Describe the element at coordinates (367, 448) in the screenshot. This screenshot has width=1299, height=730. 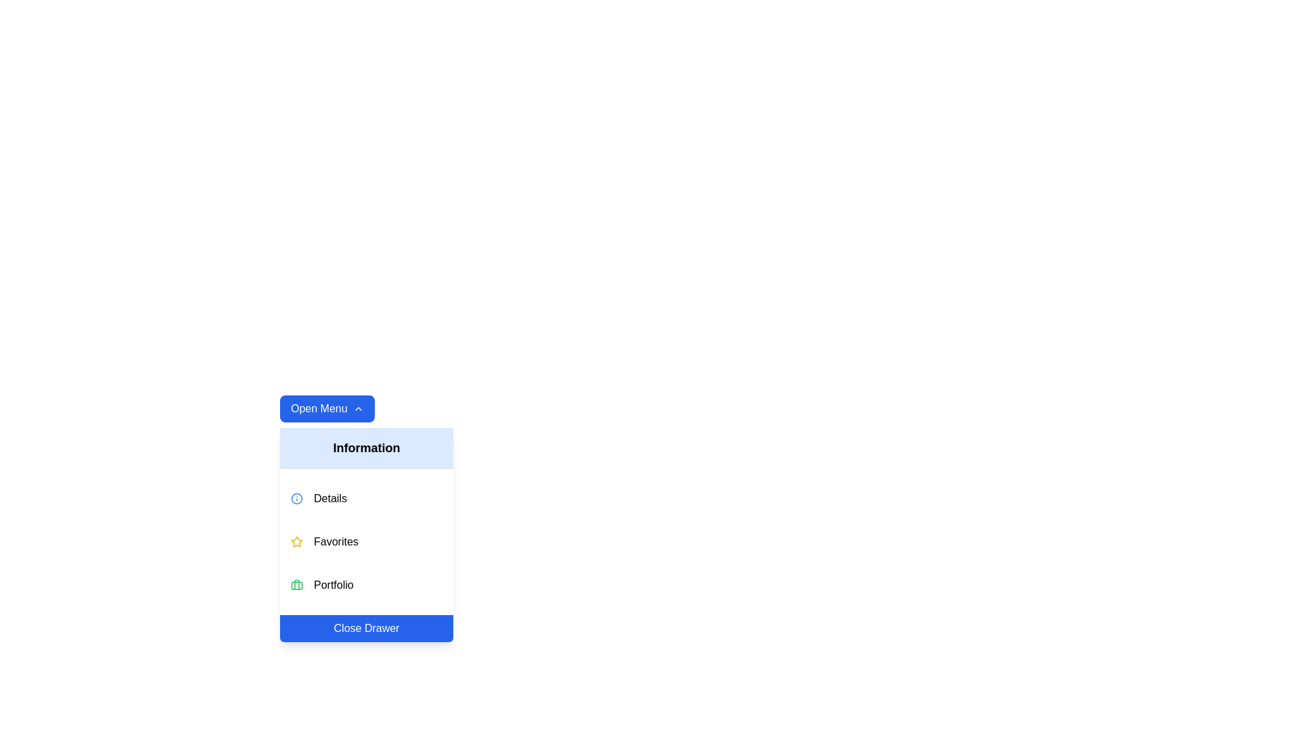
I see `the 'Information' text label, which is a light blue rectangle located at the top of the dropdown menu, positioned directly under the 'Open Menu' button` at that location.